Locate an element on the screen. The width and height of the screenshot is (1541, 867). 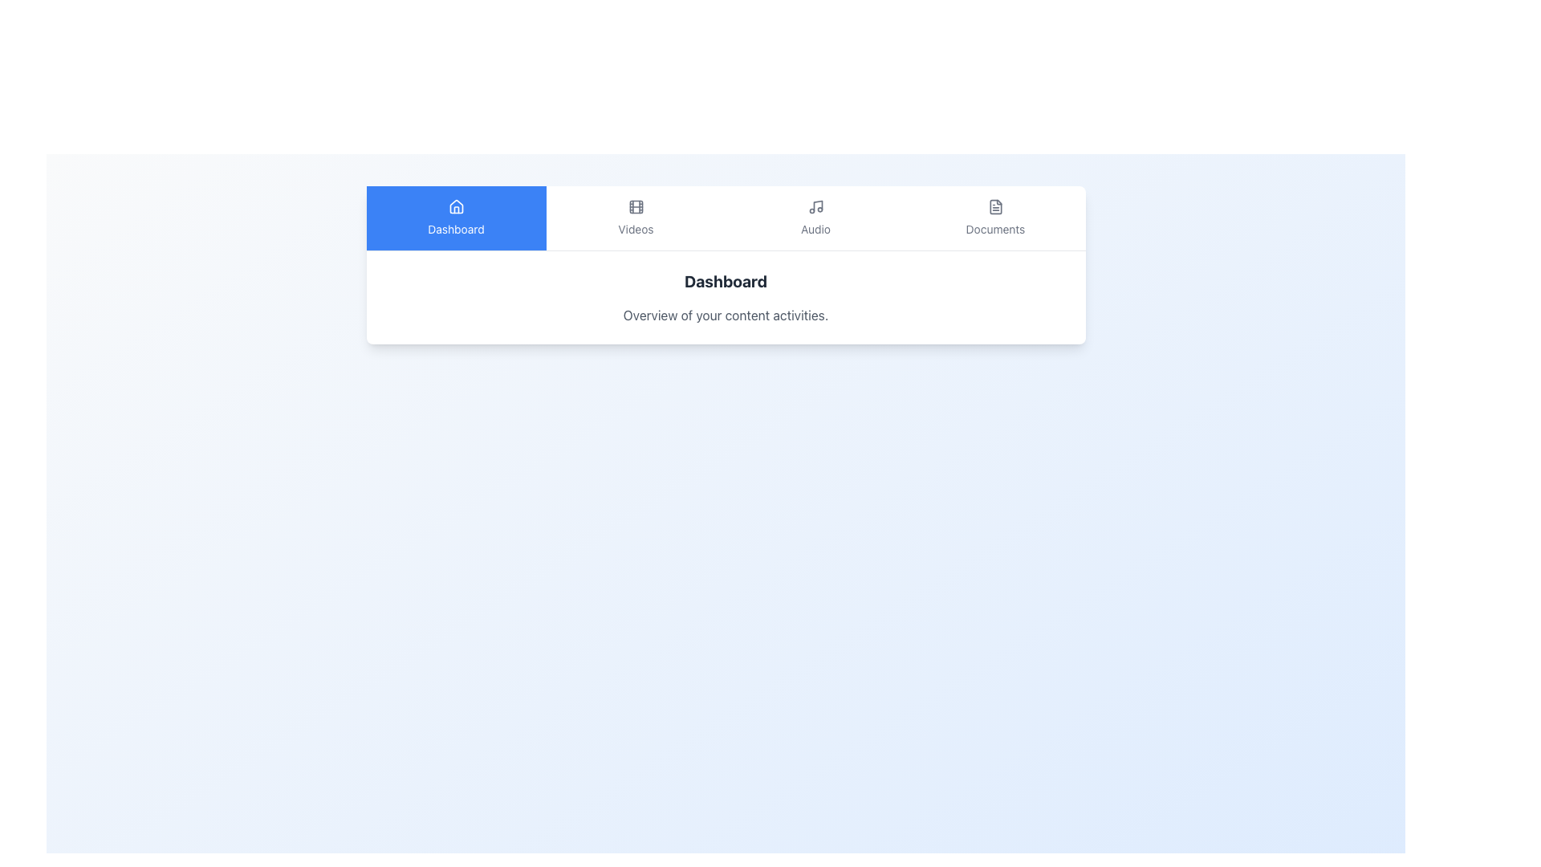
the button displaying a musical note and the text 'Audio' is located at coordinates (815, 218).